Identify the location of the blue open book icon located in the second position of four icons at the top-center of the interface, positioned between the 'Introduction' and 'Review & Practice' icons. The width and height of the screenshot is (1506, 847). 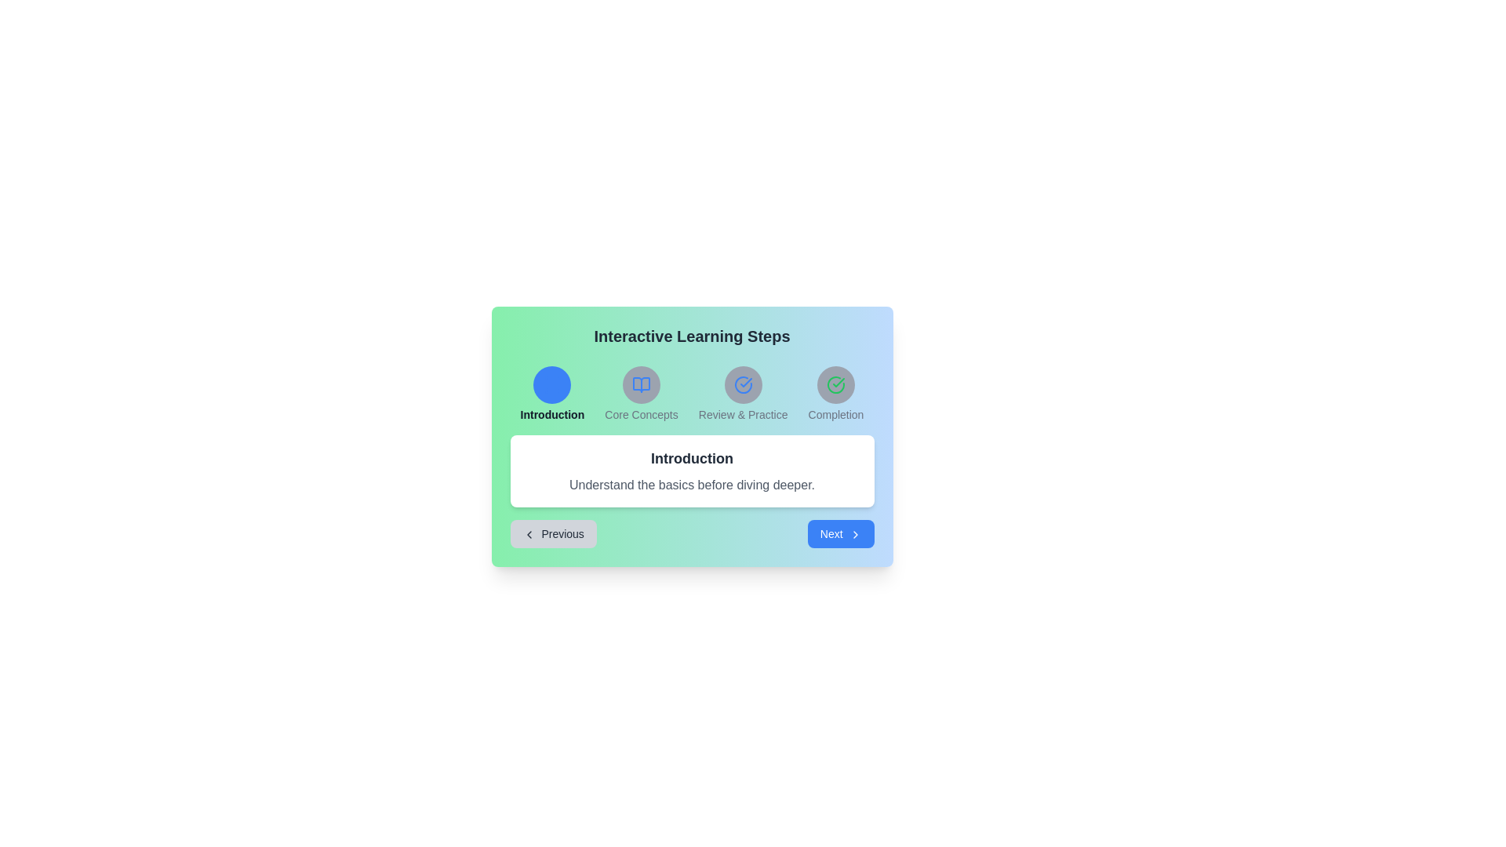
(642, 384).